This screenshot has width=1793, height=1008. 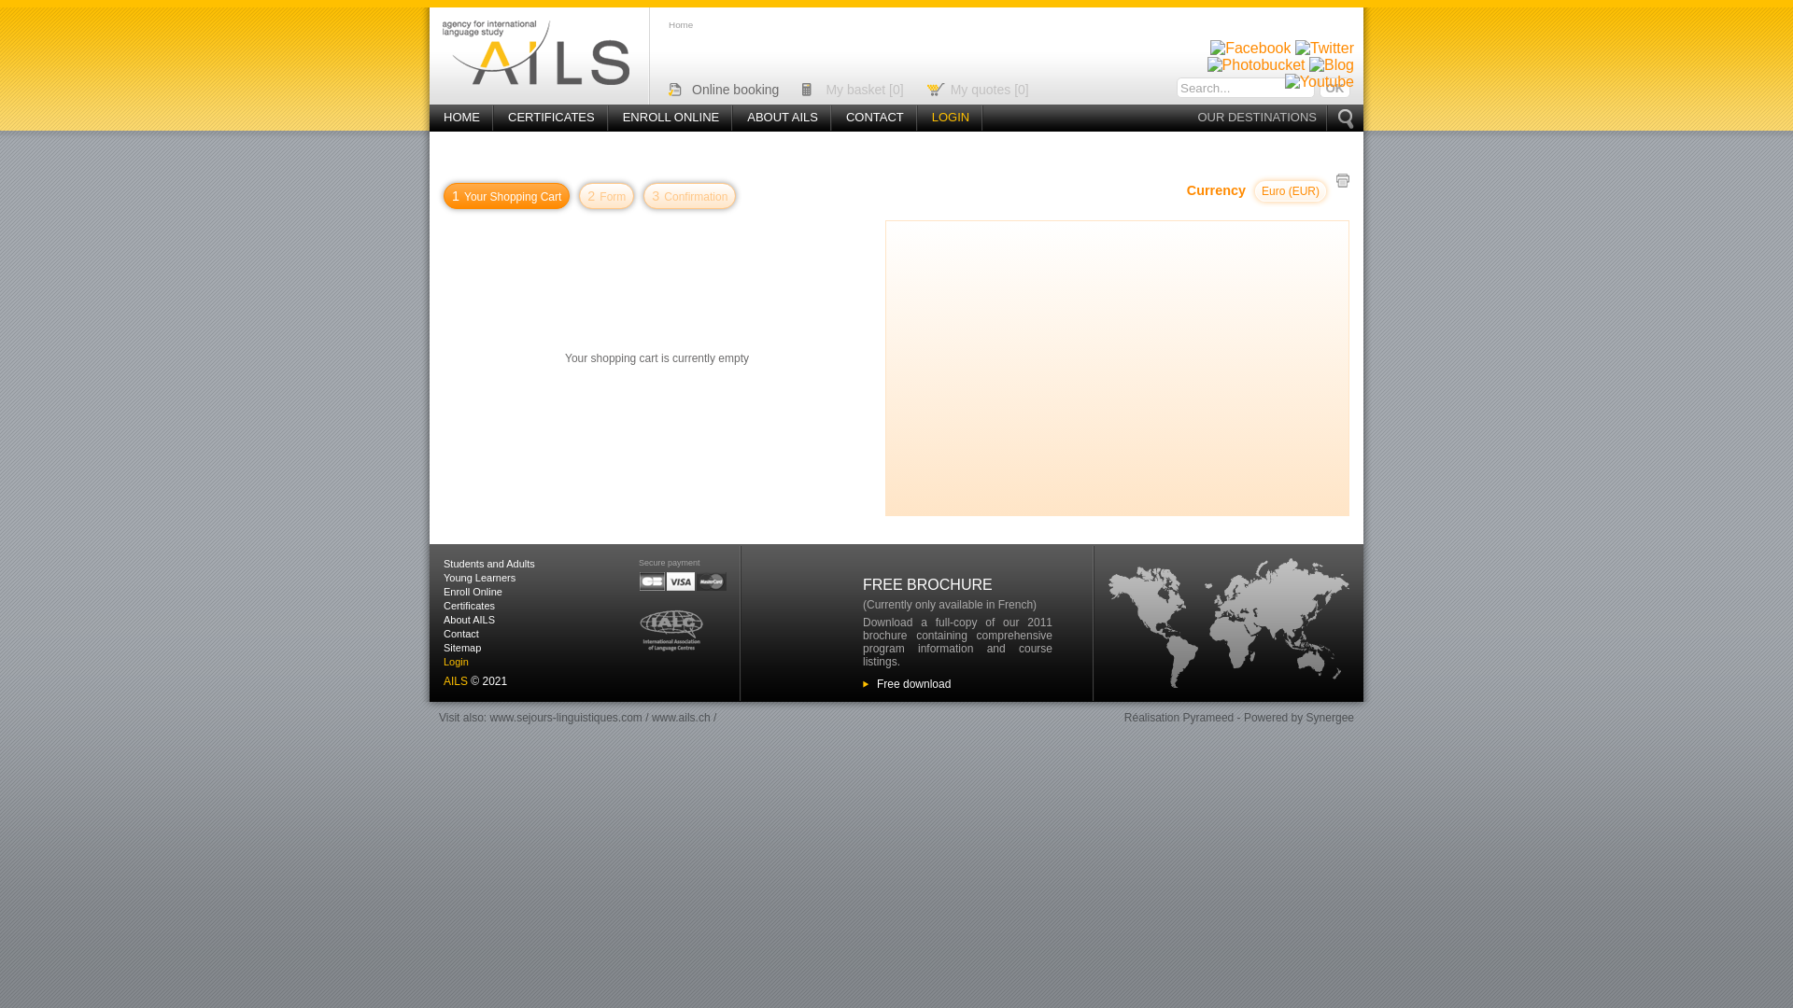 I want to click on 'Contact', so click(x=461, y=632).